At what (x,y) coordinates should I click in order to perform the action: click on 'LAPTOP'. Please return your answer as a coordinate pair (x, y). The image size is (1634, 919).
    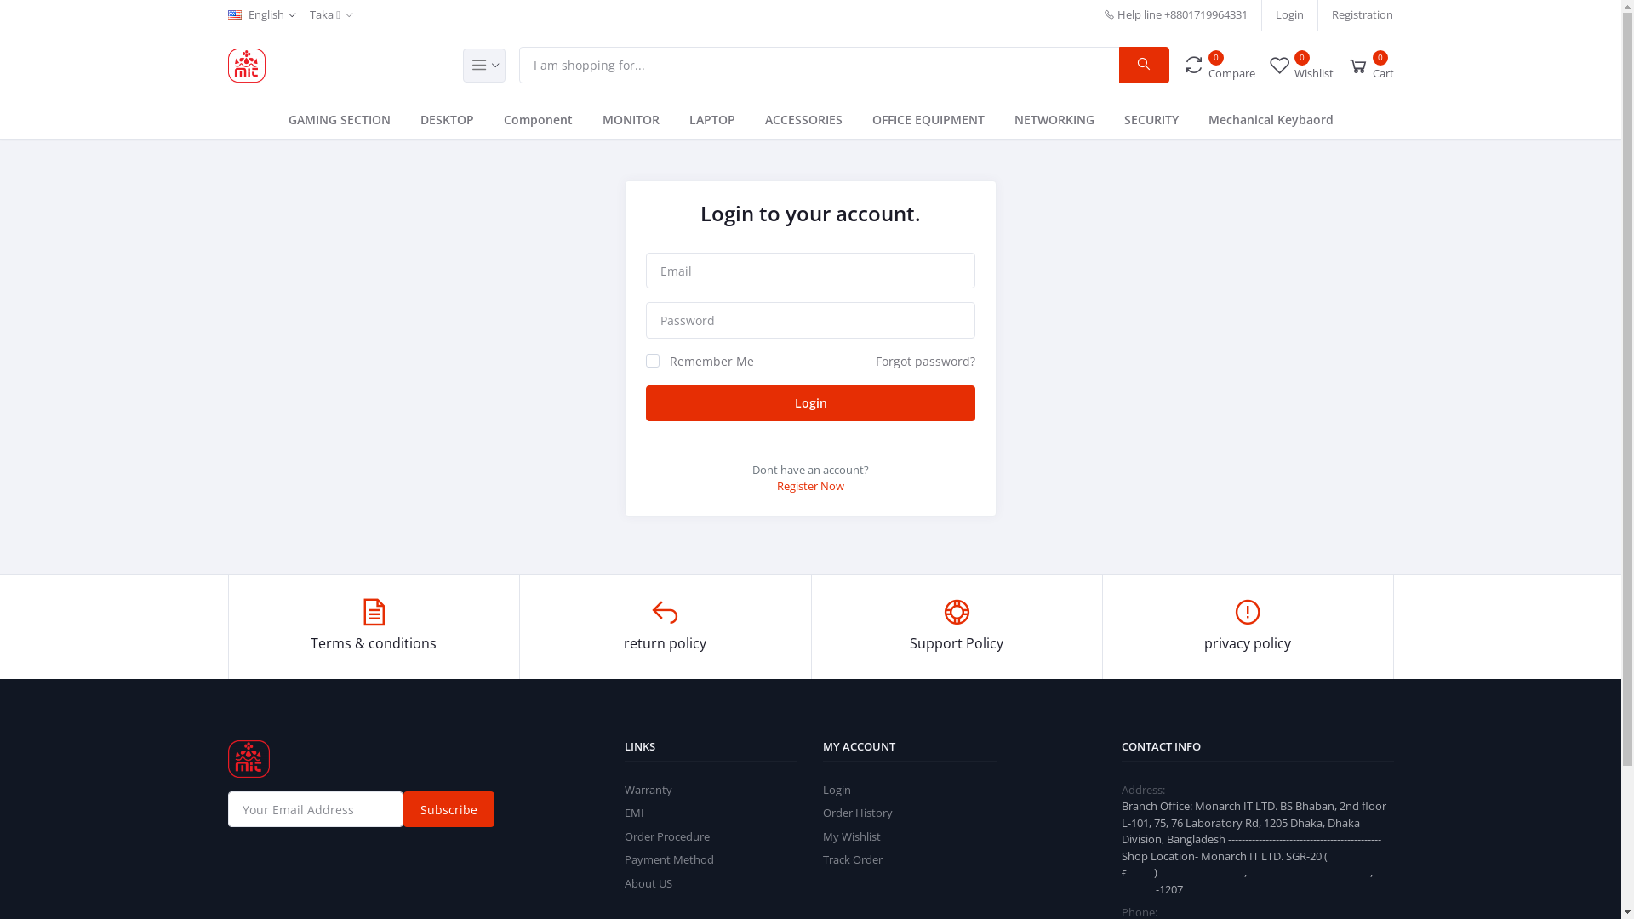
    Looking at the image, I should click on (711, 118).